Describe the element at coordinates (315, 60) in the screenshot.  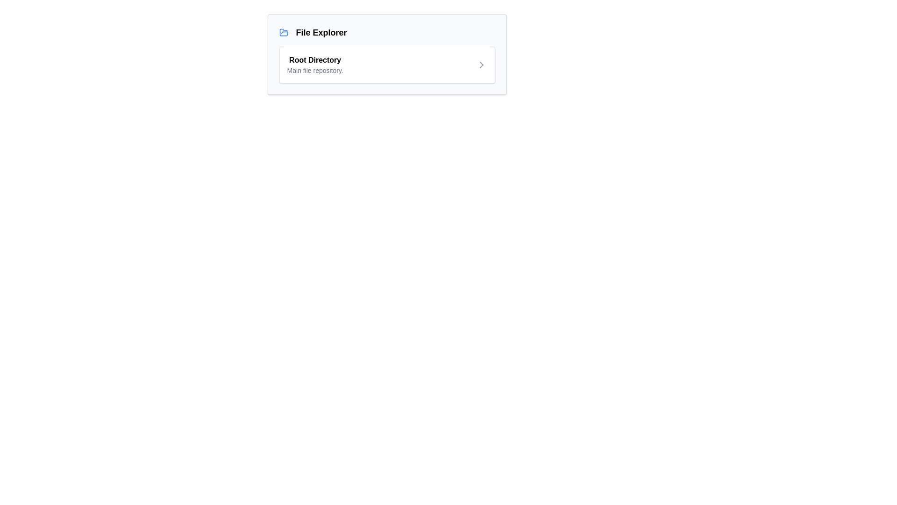
I see `the bold text label displaying 'Root Directory' which is prominently positioned at the top-left corner of a card-like section in the interface` at that location.